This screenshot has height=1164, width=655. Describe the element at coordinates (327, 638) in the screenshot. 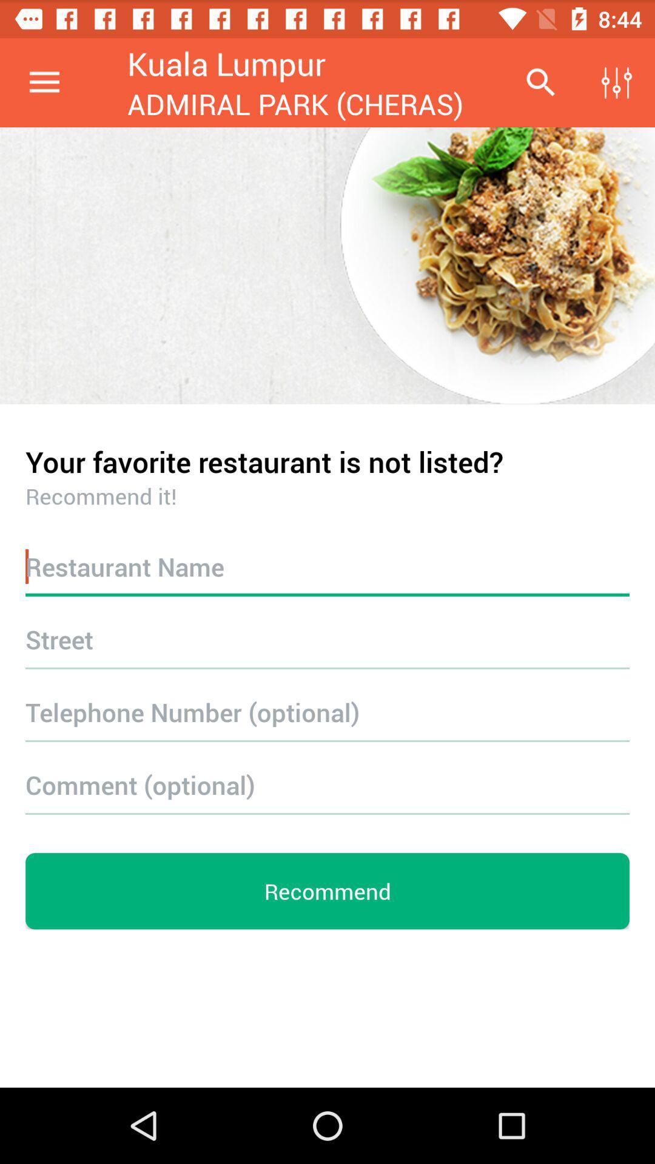

I see `street address of restaurant` at that location.